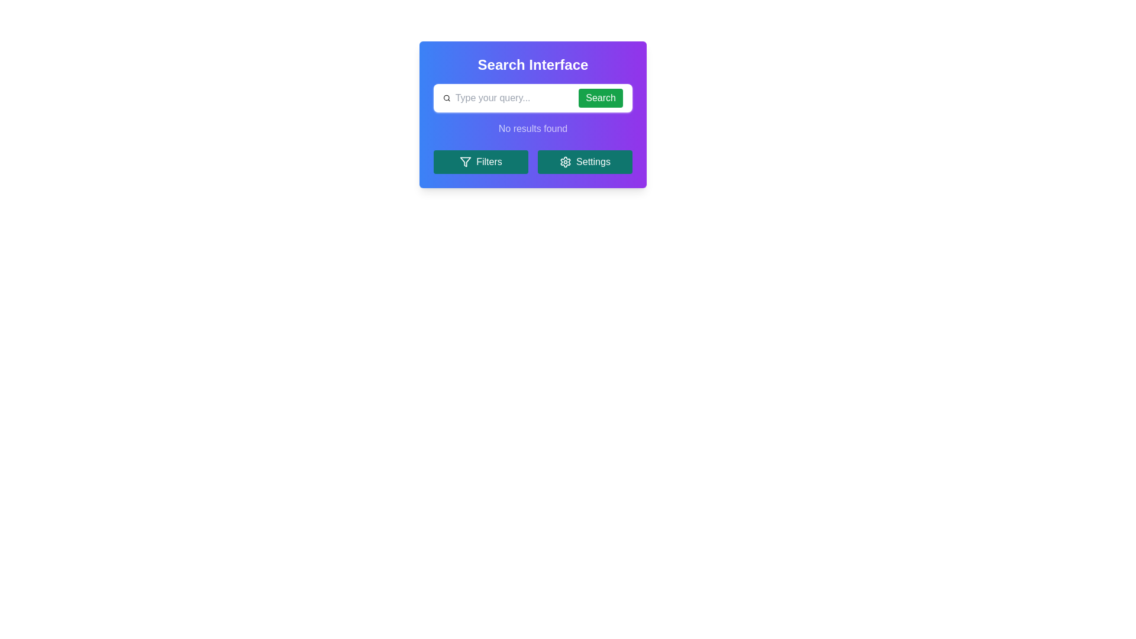 This screenshot has width=1136, height=639. Describe the element at coordinates (446, 97) in the screenshot. I see `the circular vector graphic element of the magnifying glass icon located in the top left corner inside the search bar` at that location.